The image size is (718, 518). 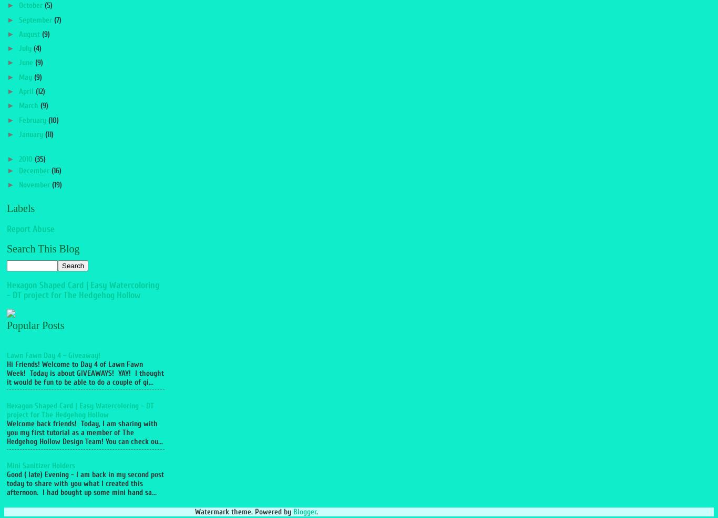 I want to click on 'December', so click(x=34, y=170).